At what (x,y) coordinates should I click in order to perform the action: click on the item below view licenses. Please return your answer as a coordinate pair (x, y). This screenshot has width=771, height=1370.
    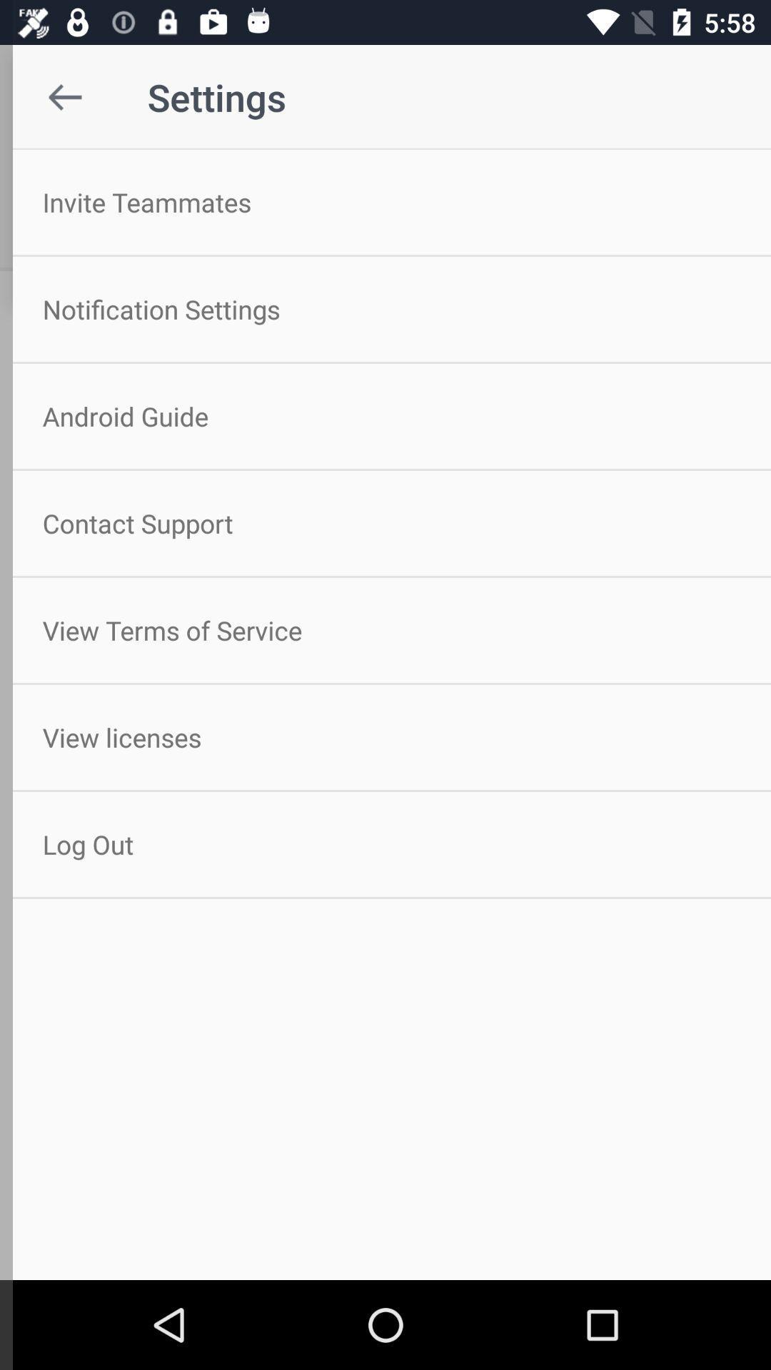
    Looking at the image, I should click on (385, 844).